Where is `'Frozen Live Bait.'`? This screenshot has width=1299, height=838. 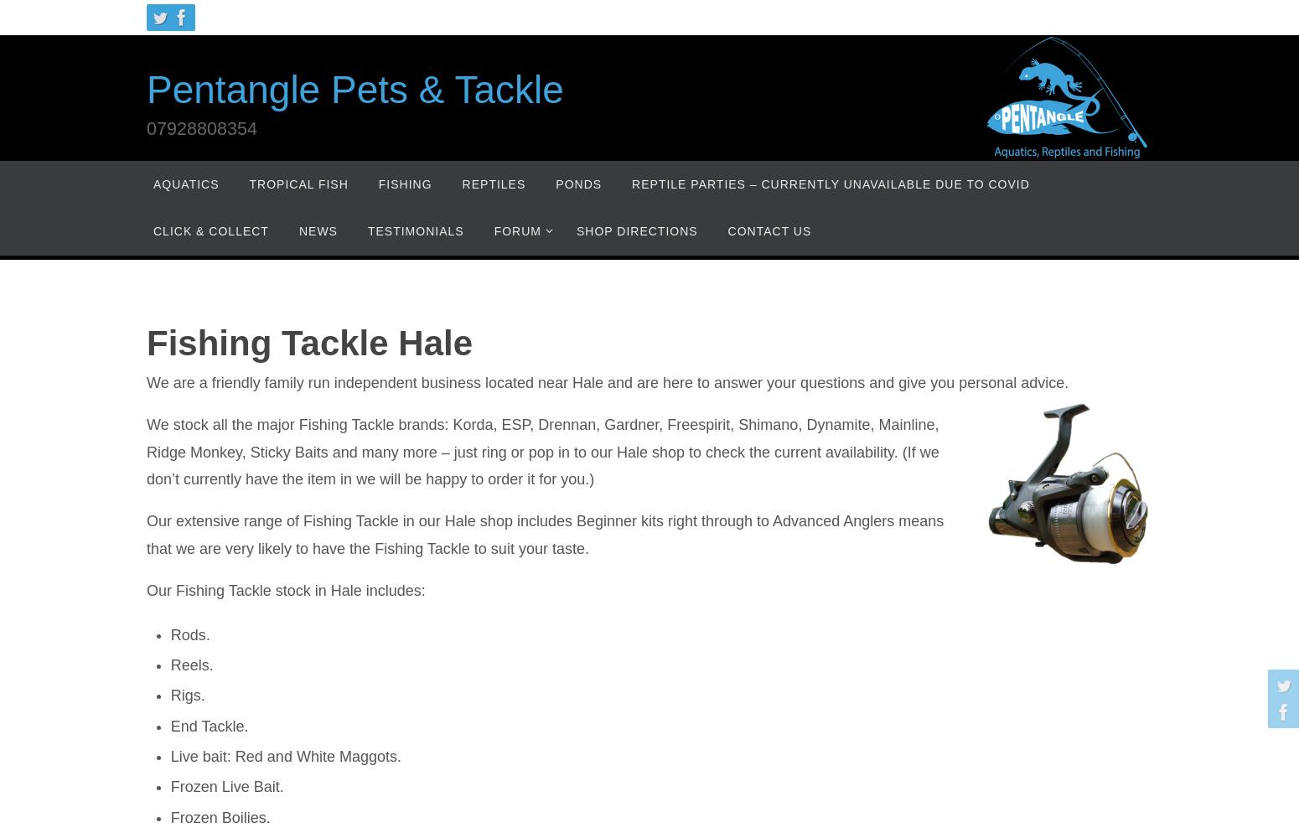 'Frozen Live Bait.' is located at coordinates (226, 786).